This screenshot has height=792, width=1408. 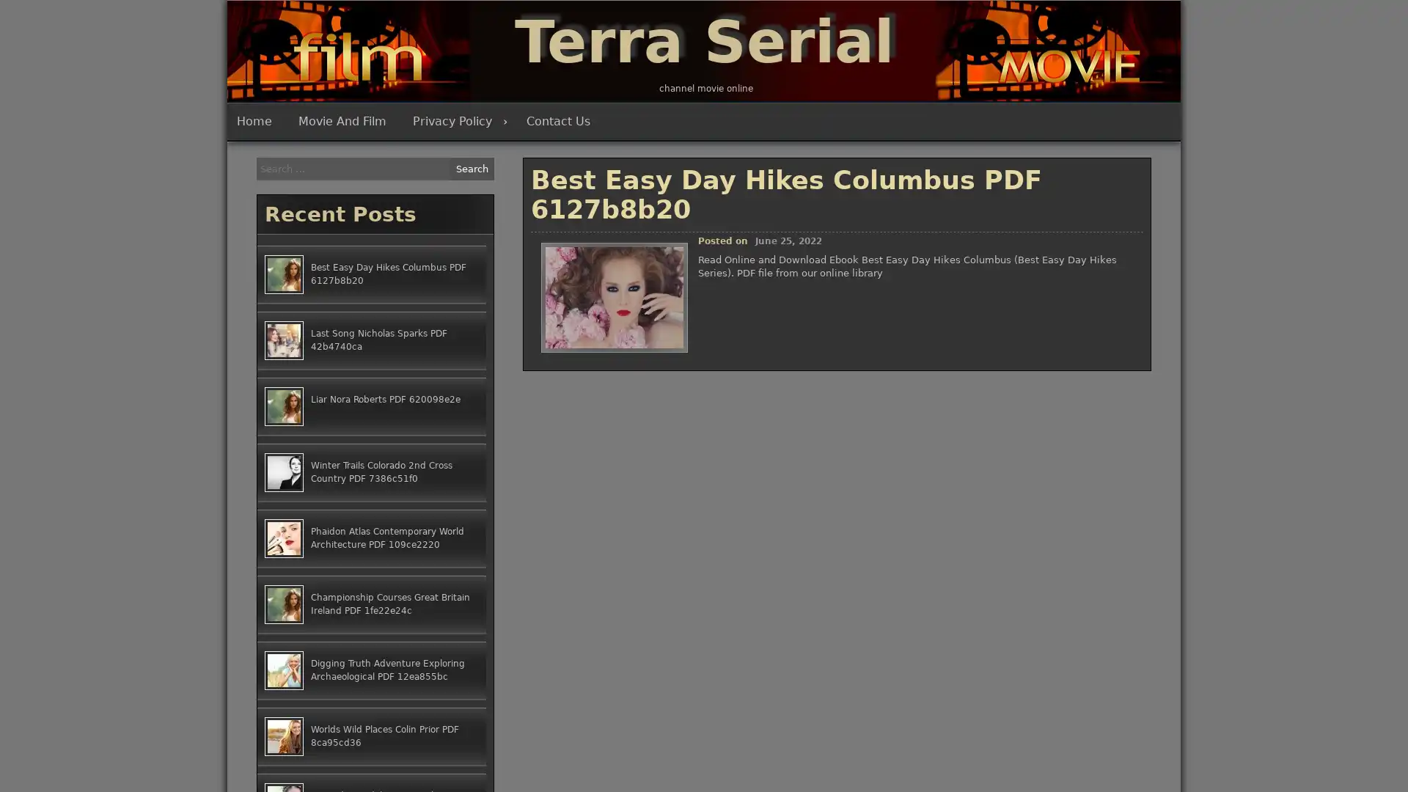 What do you see at coordinates (472, 168) in the screenshot?
I see `Search` at bounding box center [472, 168].